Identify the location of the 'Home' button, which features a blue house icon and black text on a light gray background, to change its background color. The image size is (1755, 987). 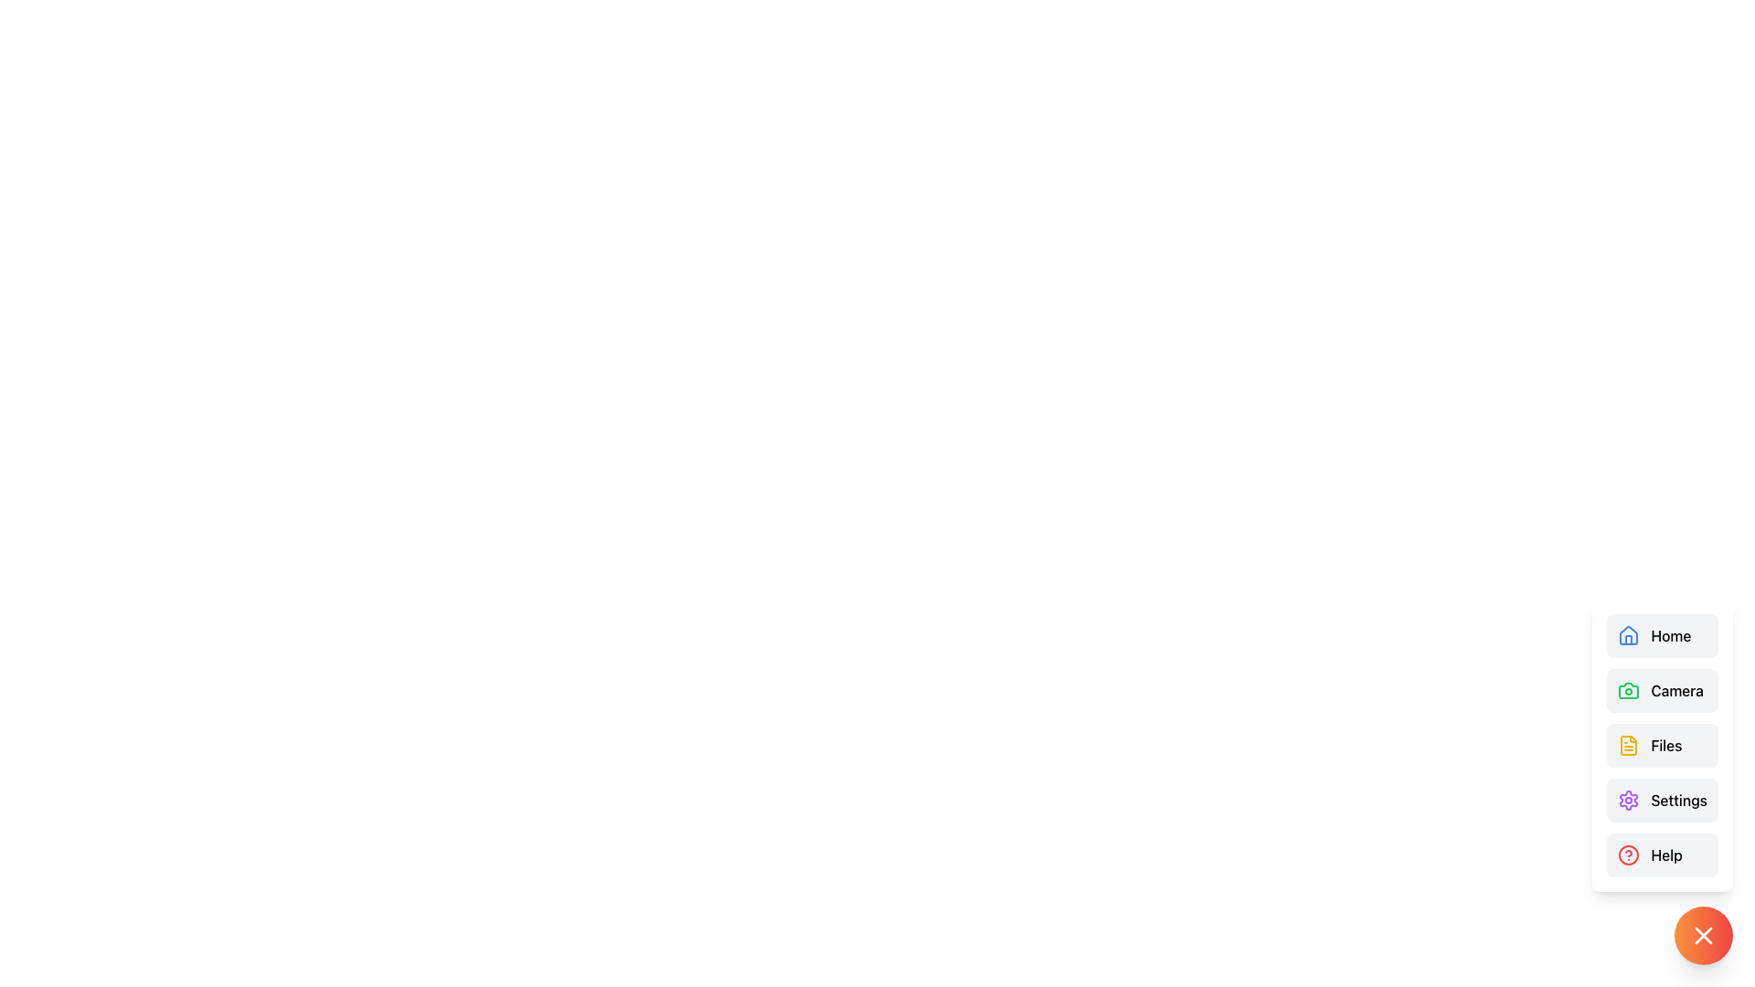
(1663, 634).